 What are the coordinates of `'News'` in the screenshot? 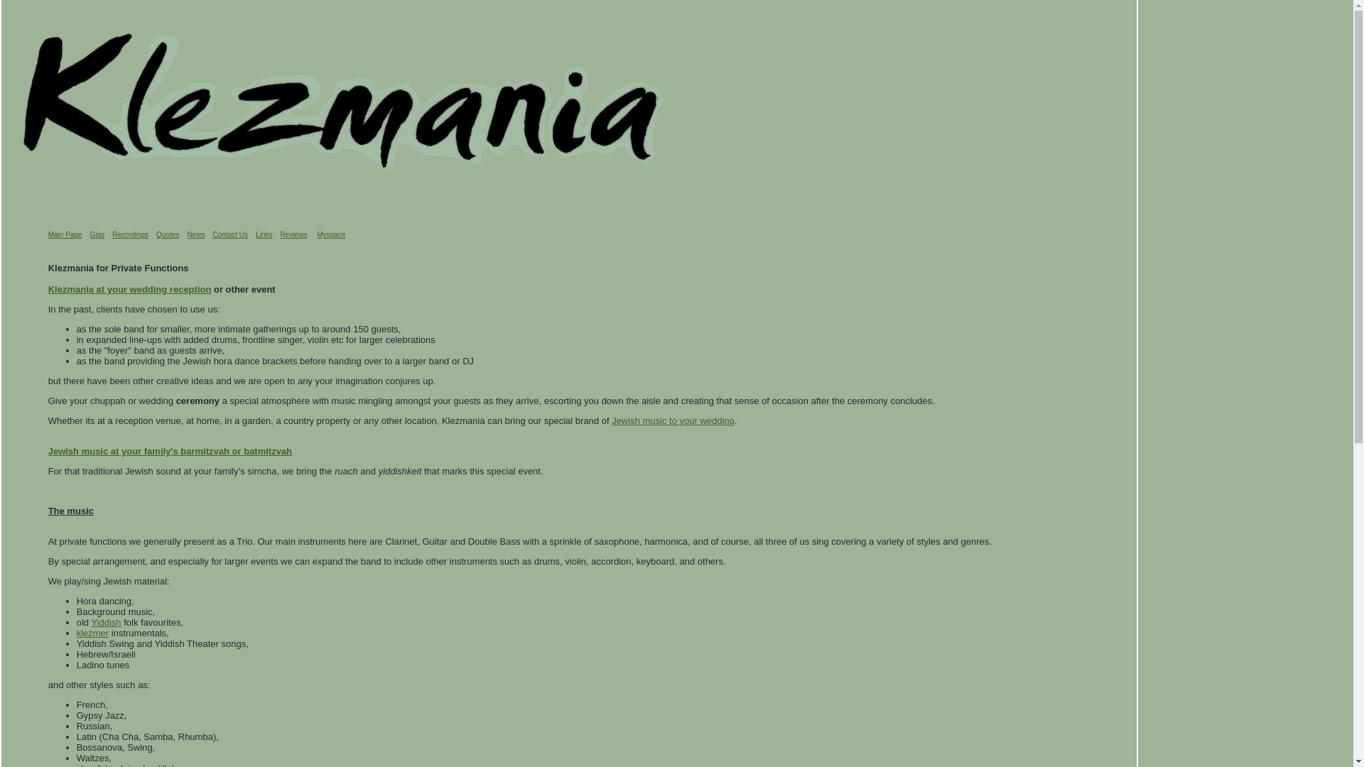 It's located at (195, 234).